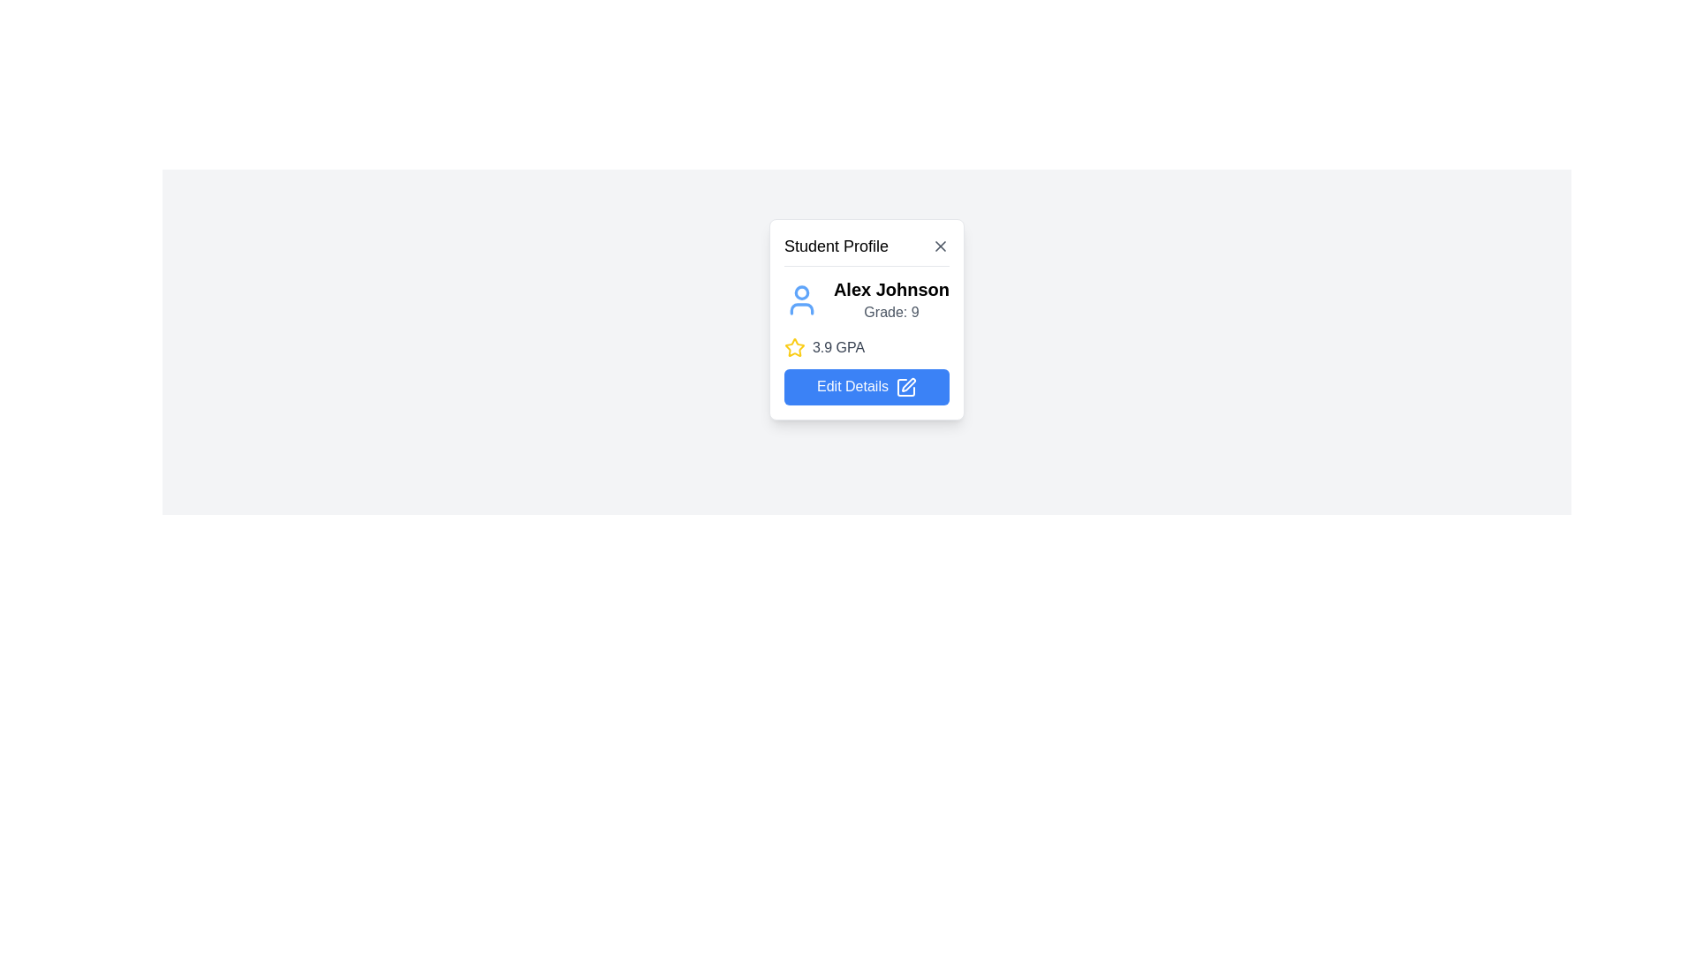 The height and width of the screenshot is (954, 1696). Describe the element at coordinates (867, 299) in the screenshot. I see `the text label displaying 'Alex Johnson' and 'Grade: 9' in the 'Student Profile' section, located beside a blue user profile icon` at that location.